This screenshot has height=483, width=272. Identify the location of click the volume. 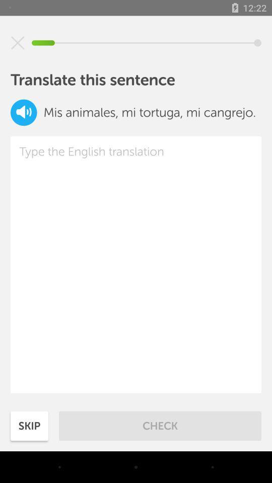
(24, 112).